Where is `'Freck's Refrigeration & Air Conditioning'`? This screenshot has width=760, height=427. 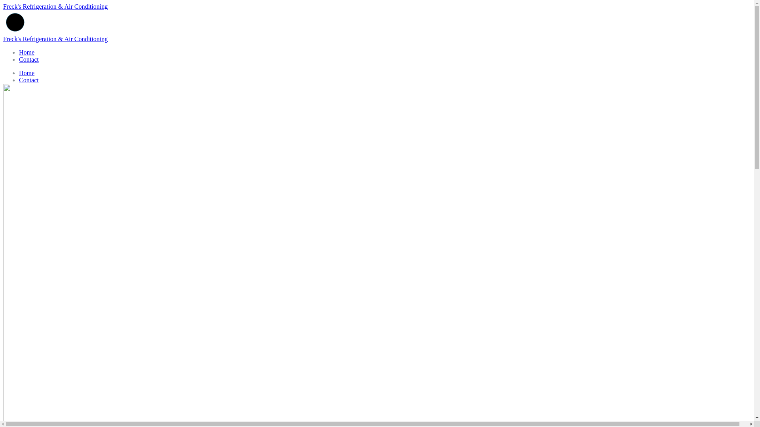
'Freck's Refrigeration & Air Conditioning' is located at coordinates (55, 39).